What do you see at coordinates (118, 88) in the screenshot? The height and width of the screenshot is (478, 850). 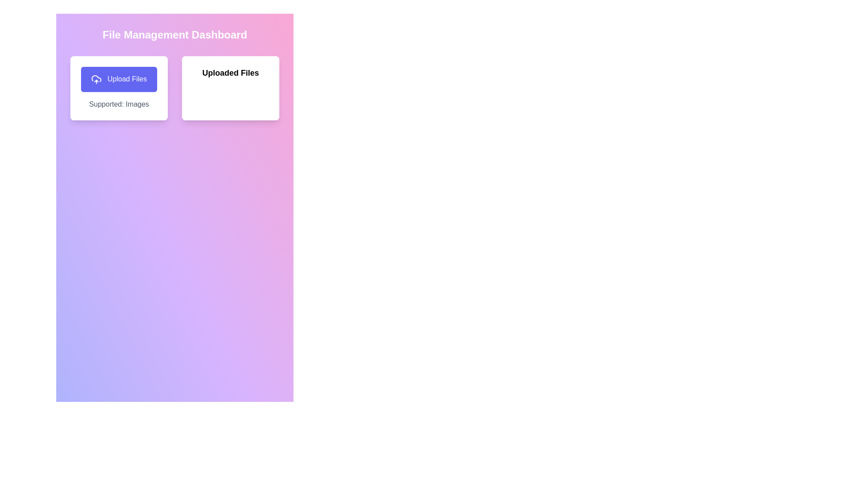 I see `the 'Upload Files' button on the leftmost card component in the top row of the two-column layout` at bounding box center [118, 88].